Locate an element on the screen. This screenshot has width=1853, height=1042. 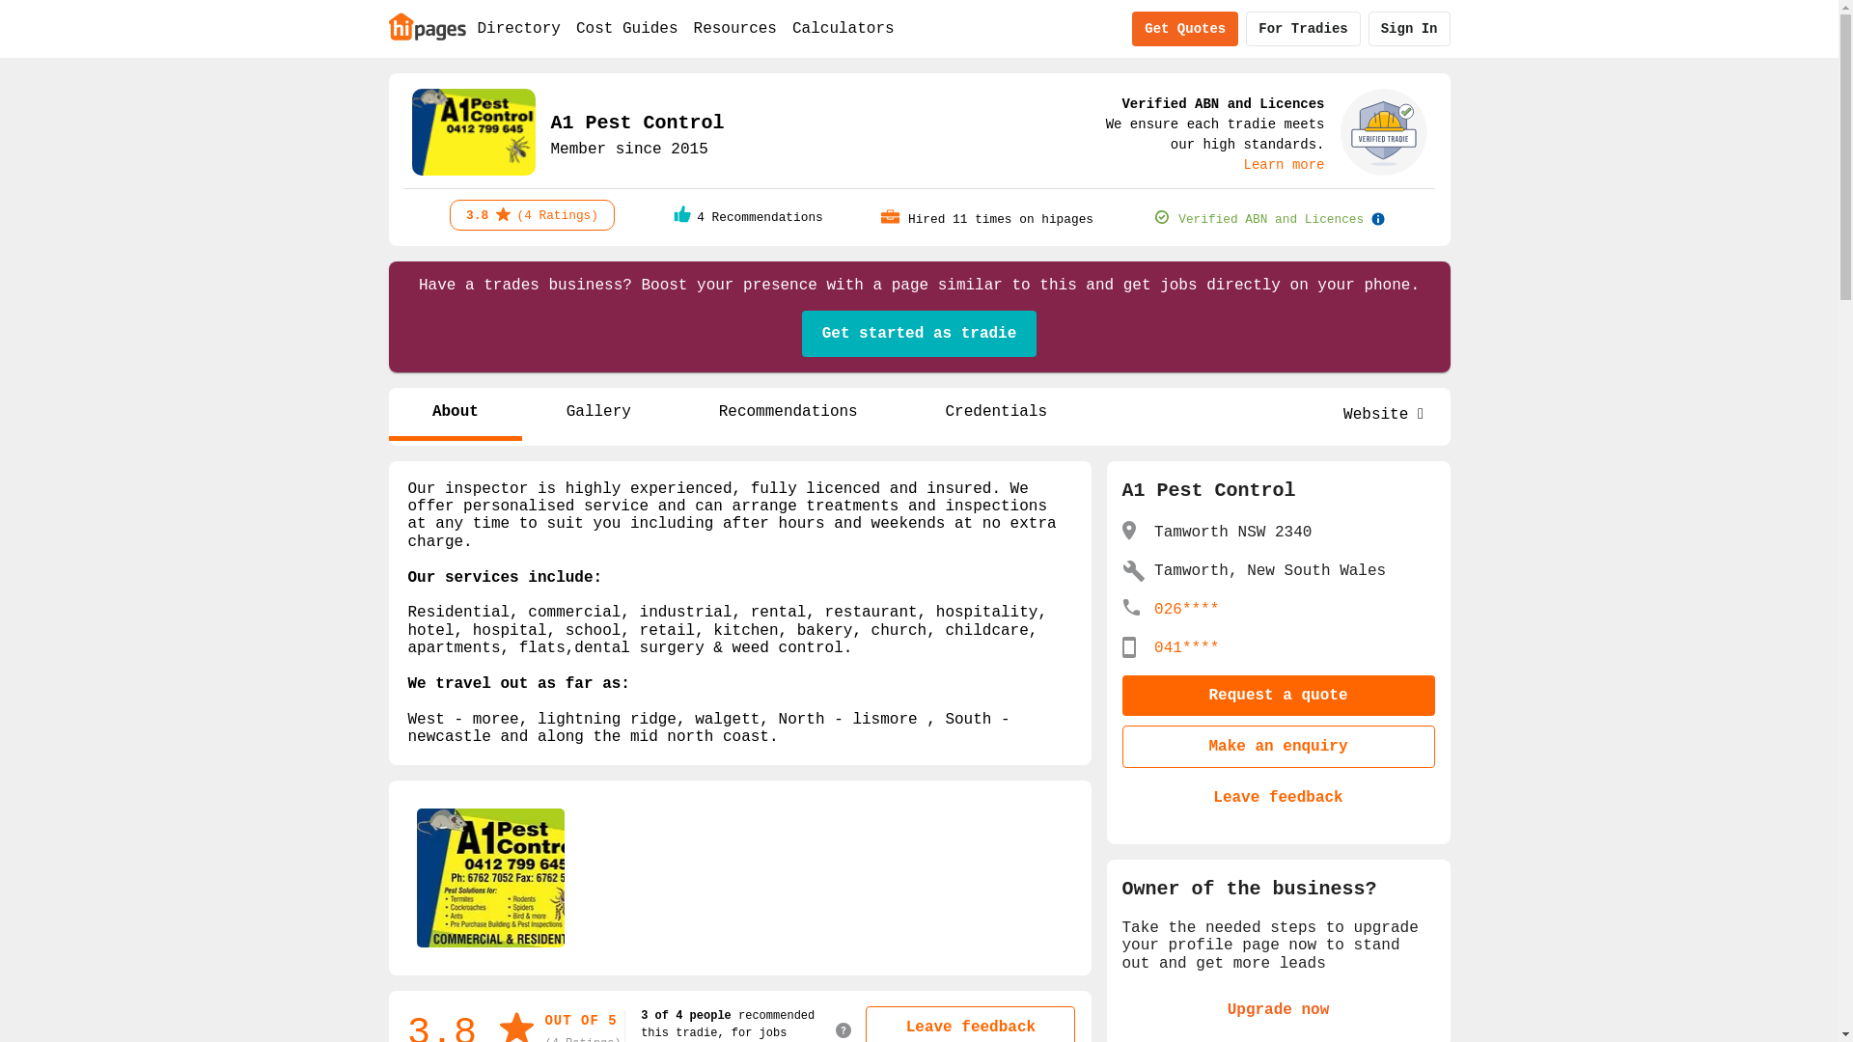
'Learn more' is located at coordinates (1283, 164).